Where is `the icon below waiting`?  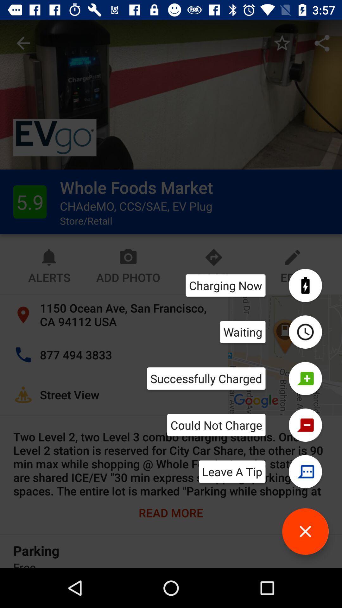
the icon below waiting is located at coordinates (206, 378).